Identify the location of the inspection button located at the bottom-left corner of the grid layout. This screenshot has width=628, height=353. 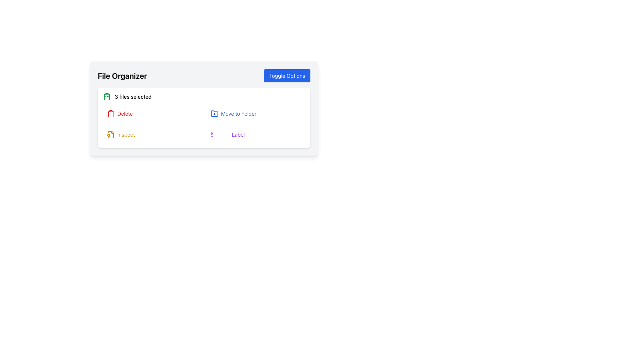
(152, 134).